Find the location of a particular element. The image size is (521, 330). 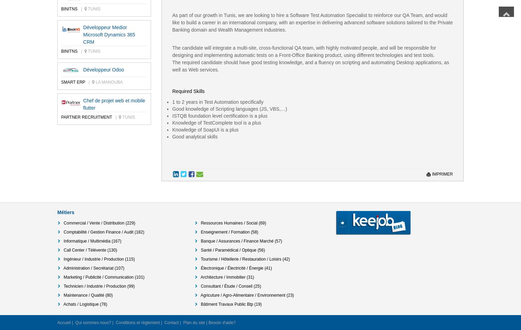

'As part of our growth in Tunis, we are looking to hire a Software Test Automation Specialist to reinforce our QA Team, and would like to build a career in an international company, with an expertise in delivering advanced software solutions tailored to the Private Banking domain and Wealth Management industries.' is located at coordinates (312, 22).